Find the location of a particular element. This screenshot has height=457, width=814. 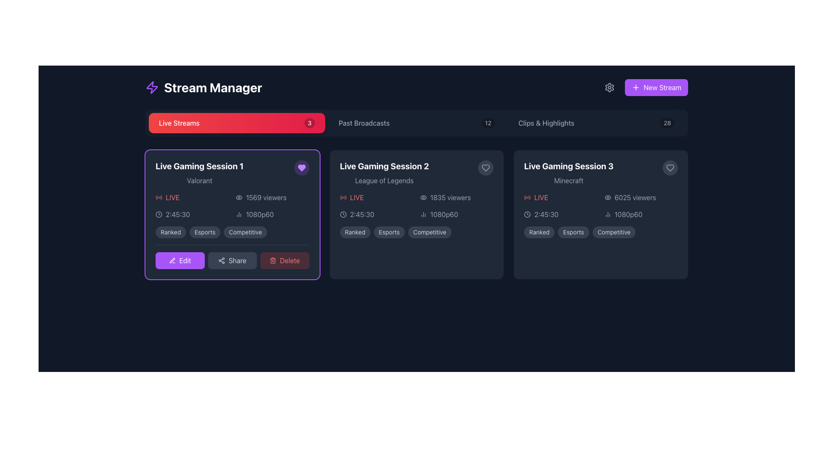

the text label that indicates the purpose of the share button, which is located between the share icon and the delete button in the toolbar of 'Live Gaming Session 1' is located at coordinates (237, 260).